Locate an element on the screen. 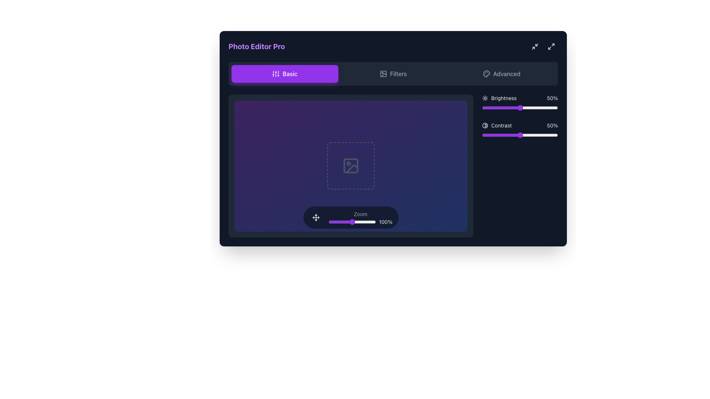 The width and height of the screenshot is (710, 399). the 'Filters' button which contains the photo frame icon with a circular detail, located in the top navigation bar is located at coordinates (383, 74).